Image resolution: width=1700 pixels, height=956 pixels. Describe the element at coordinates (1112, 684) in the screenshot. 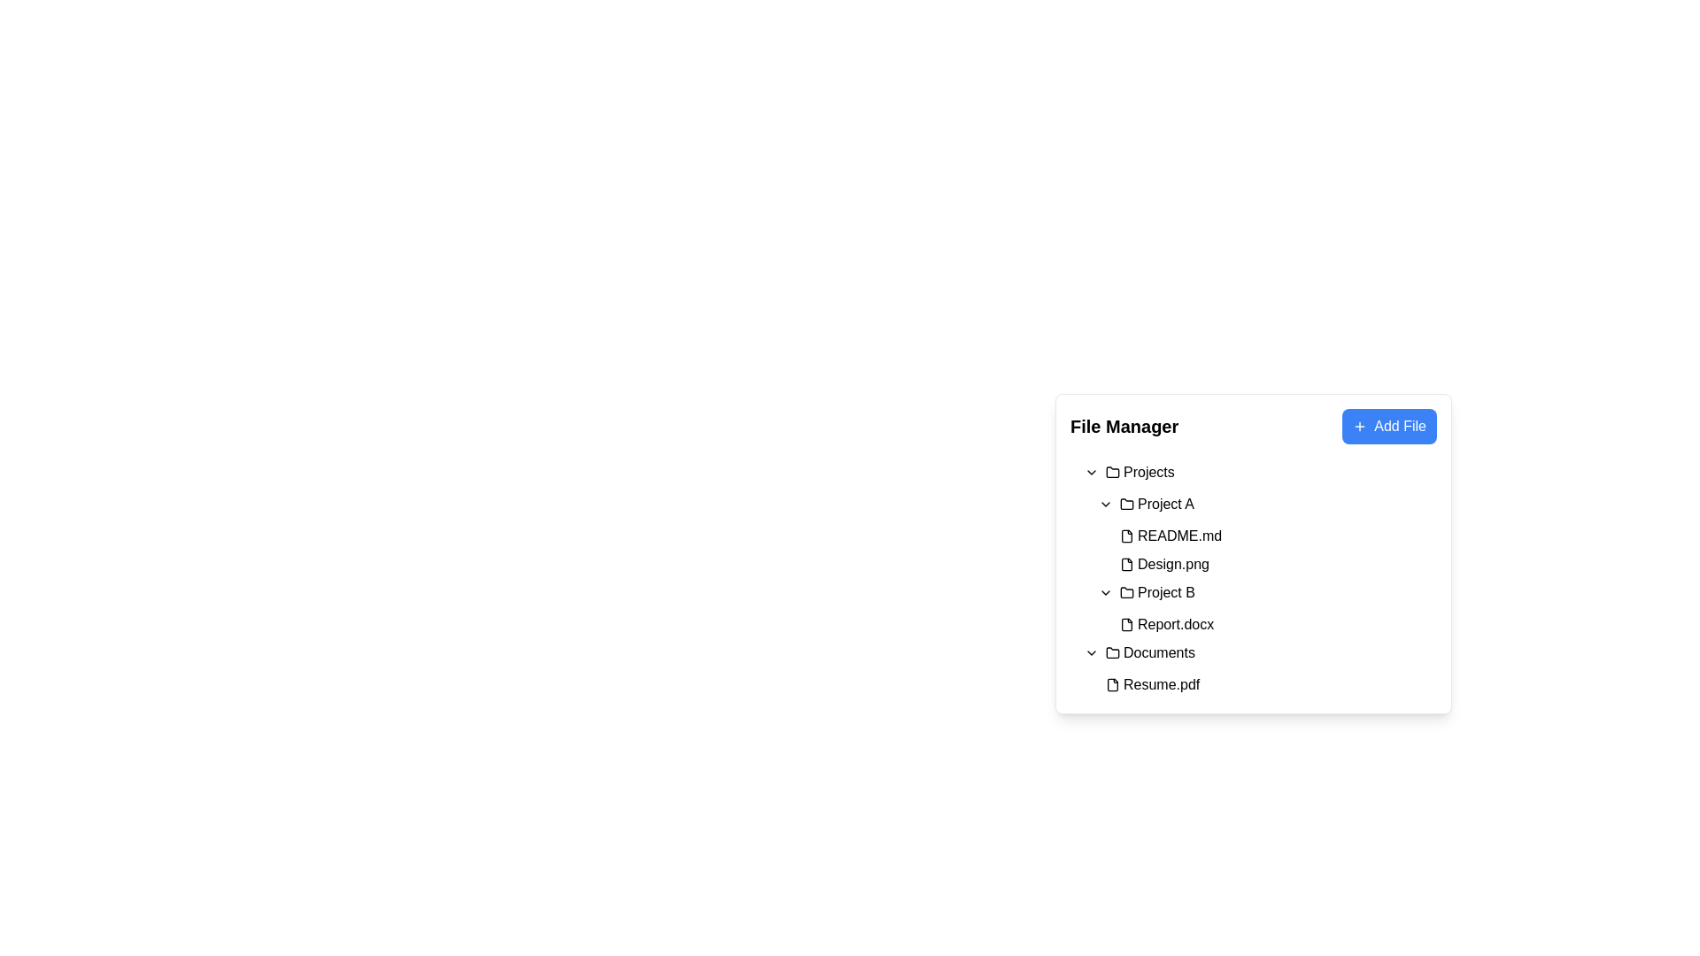

I see `the PDF document icon located at the top of the 'Documents' section` at that location.